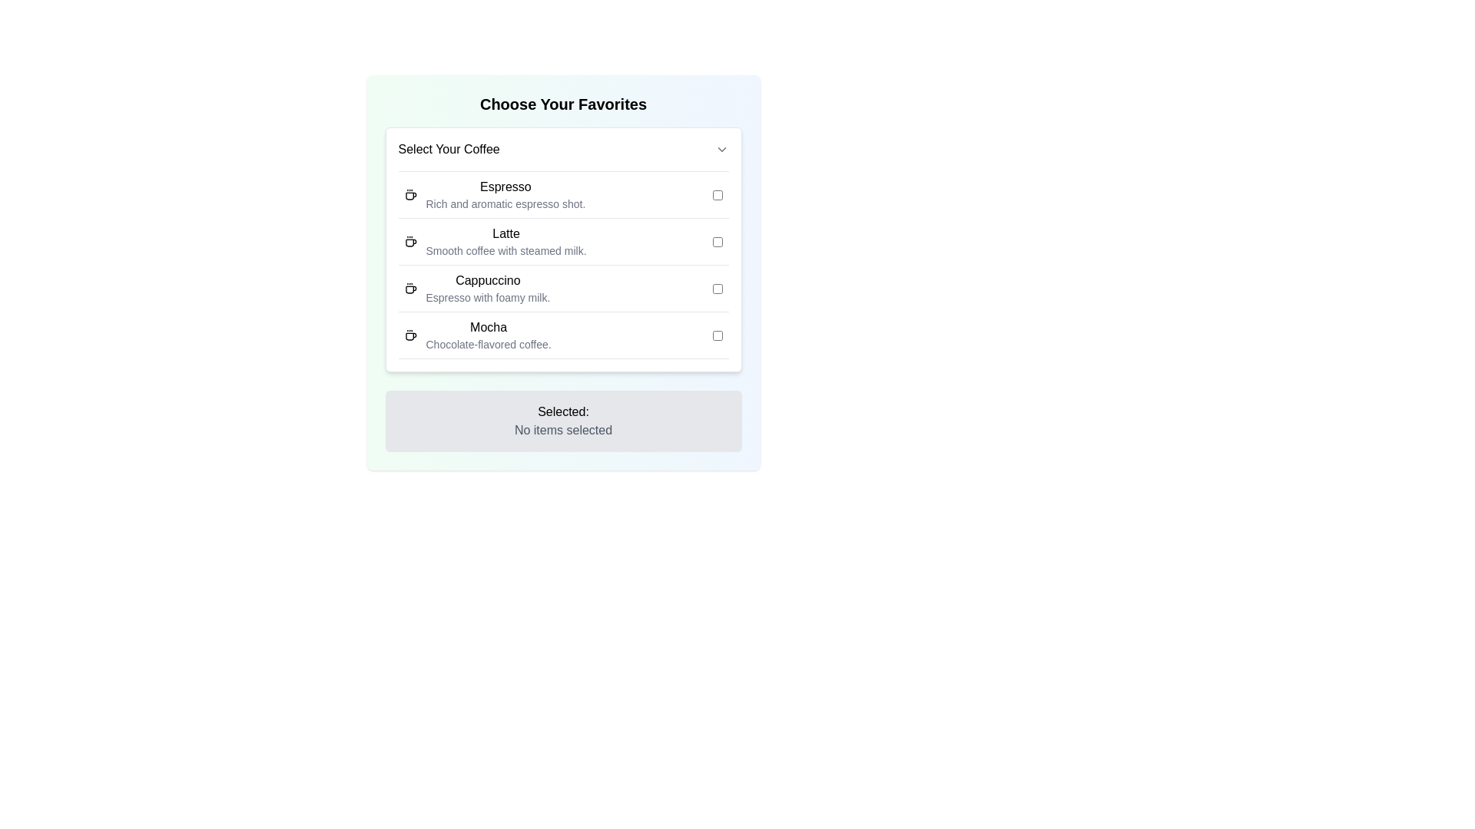  What do you see at coordinates (410, 242) in the screenshot?
I see `the coffee cup icon associated with the 'Latte' menu item in the 'Select Your Coffee' list` at bounding box center [410, 242].